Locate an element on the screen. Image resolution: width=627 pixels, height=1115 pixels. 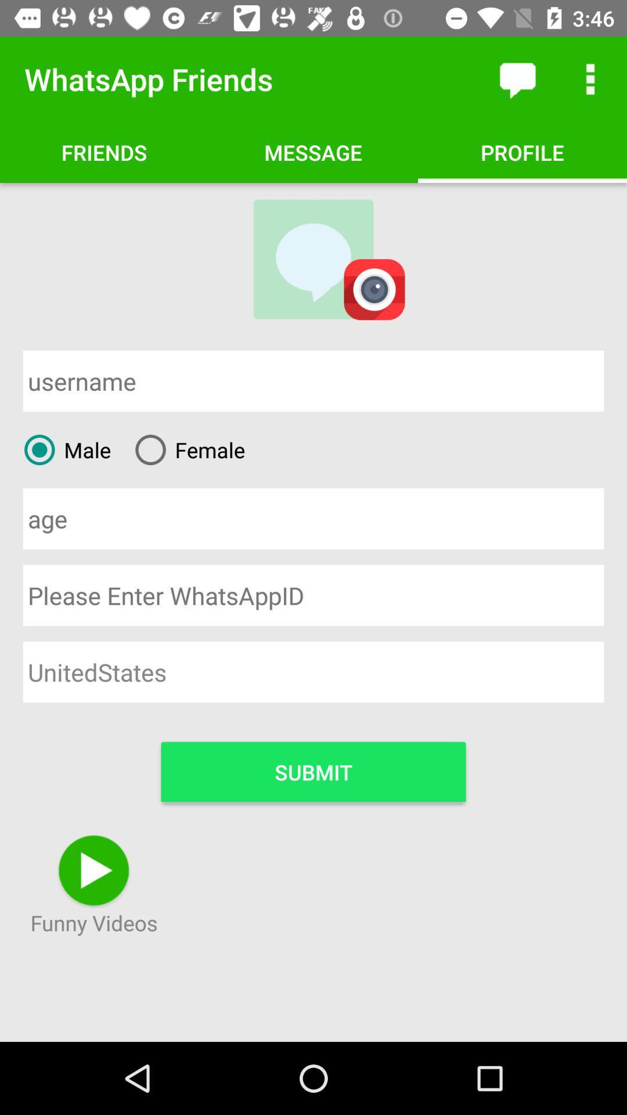
item next to the female item is located at coordinates (63, 449).